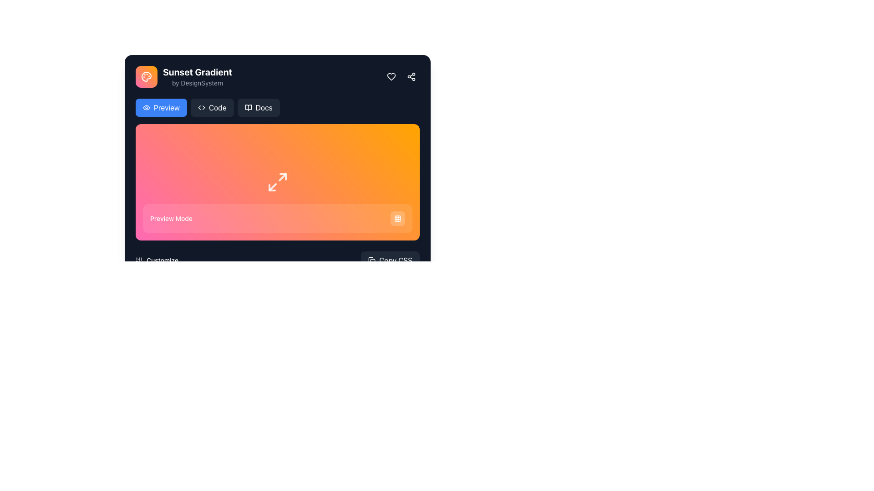 This screenshot has height=491, width=874. I want to click on the icon-based button represented by three vertical sliders, located to the left of the 'Customize' text, to invoke its functionality, so click(139, 261).